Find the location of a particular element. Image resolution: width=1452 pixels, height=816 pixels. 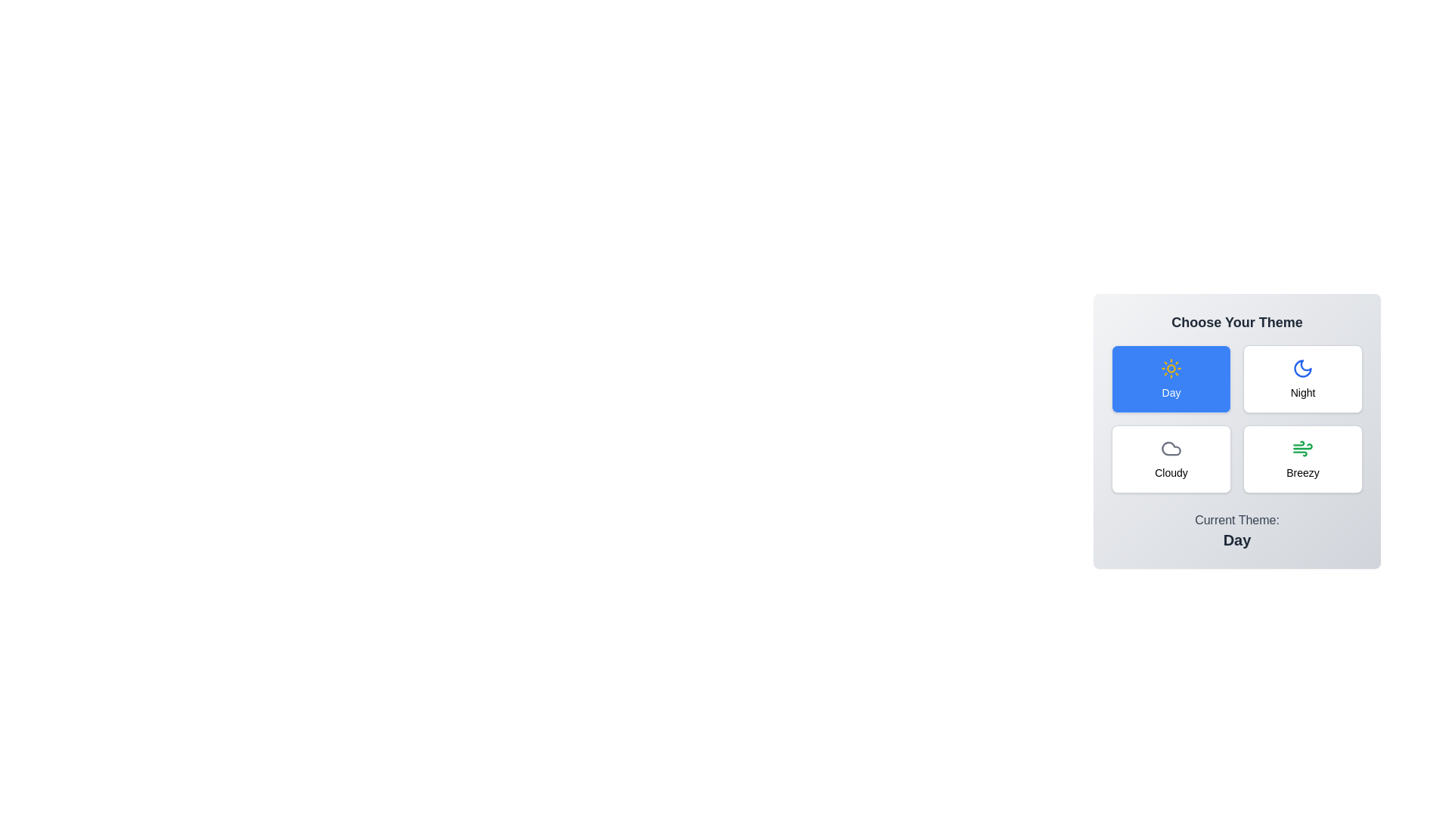

the Cloudy button to observe its hover effect is located at coordinates (1171, 459).